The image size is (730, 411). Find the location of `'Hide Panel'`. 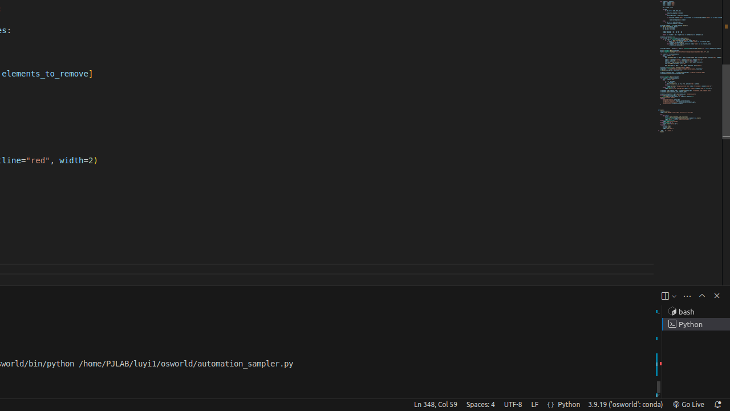

'Hide Panel' is located at coordinates (716, 295).